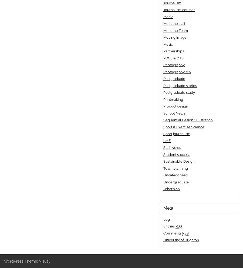 This screenshot has height=268, width=243. What do you see at coordinates (174, 113) in the screenshot?
I see `'School News'` at bounding box center [174, 113].